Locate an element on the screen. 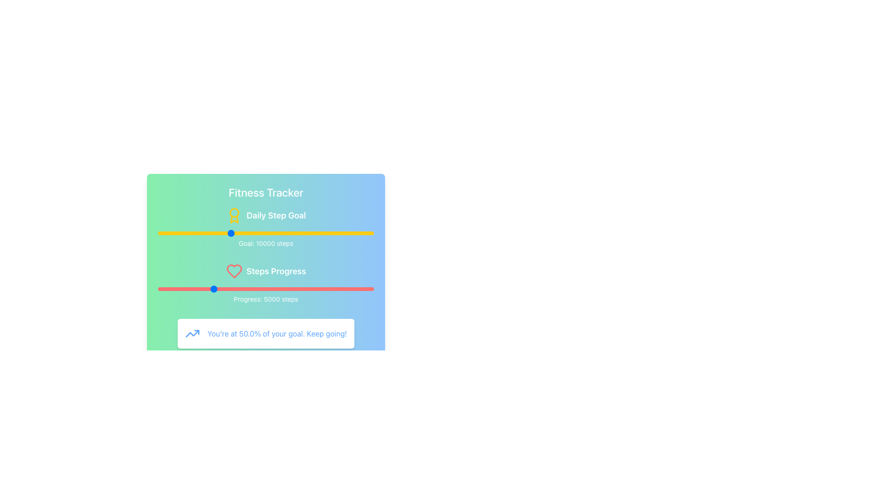 The image size is (893, 502). the Static Text Label displaying the goal value of 10,000 steps, which is located below the yellow progress bar labeled 'Daily Step Goal' is located at coordinates (265, 243).